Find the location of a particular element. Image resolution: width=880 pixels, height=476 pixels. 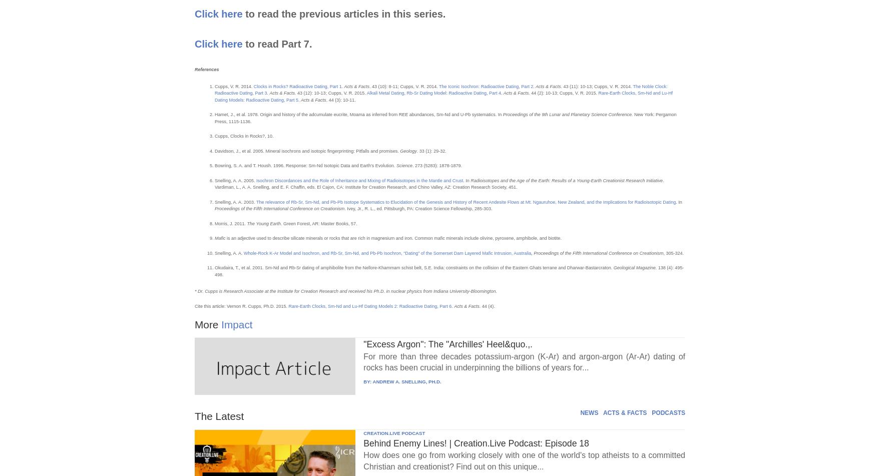

'References' is located at coordinates (206, 70).